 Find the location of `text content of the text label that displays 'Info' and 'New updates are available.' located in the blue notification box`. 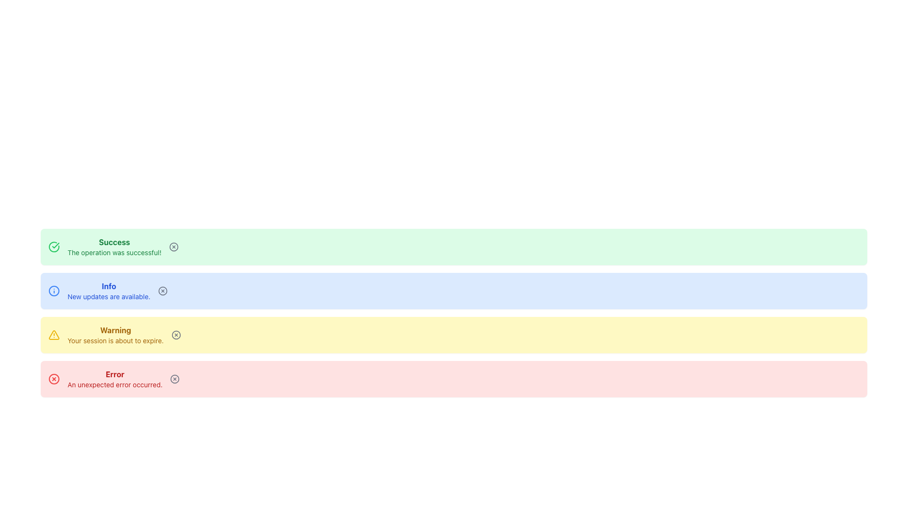

text content of the text label that displays 'Info' and 'New updates are available.' located in the blue notification box is located at coordinates (109, 291).